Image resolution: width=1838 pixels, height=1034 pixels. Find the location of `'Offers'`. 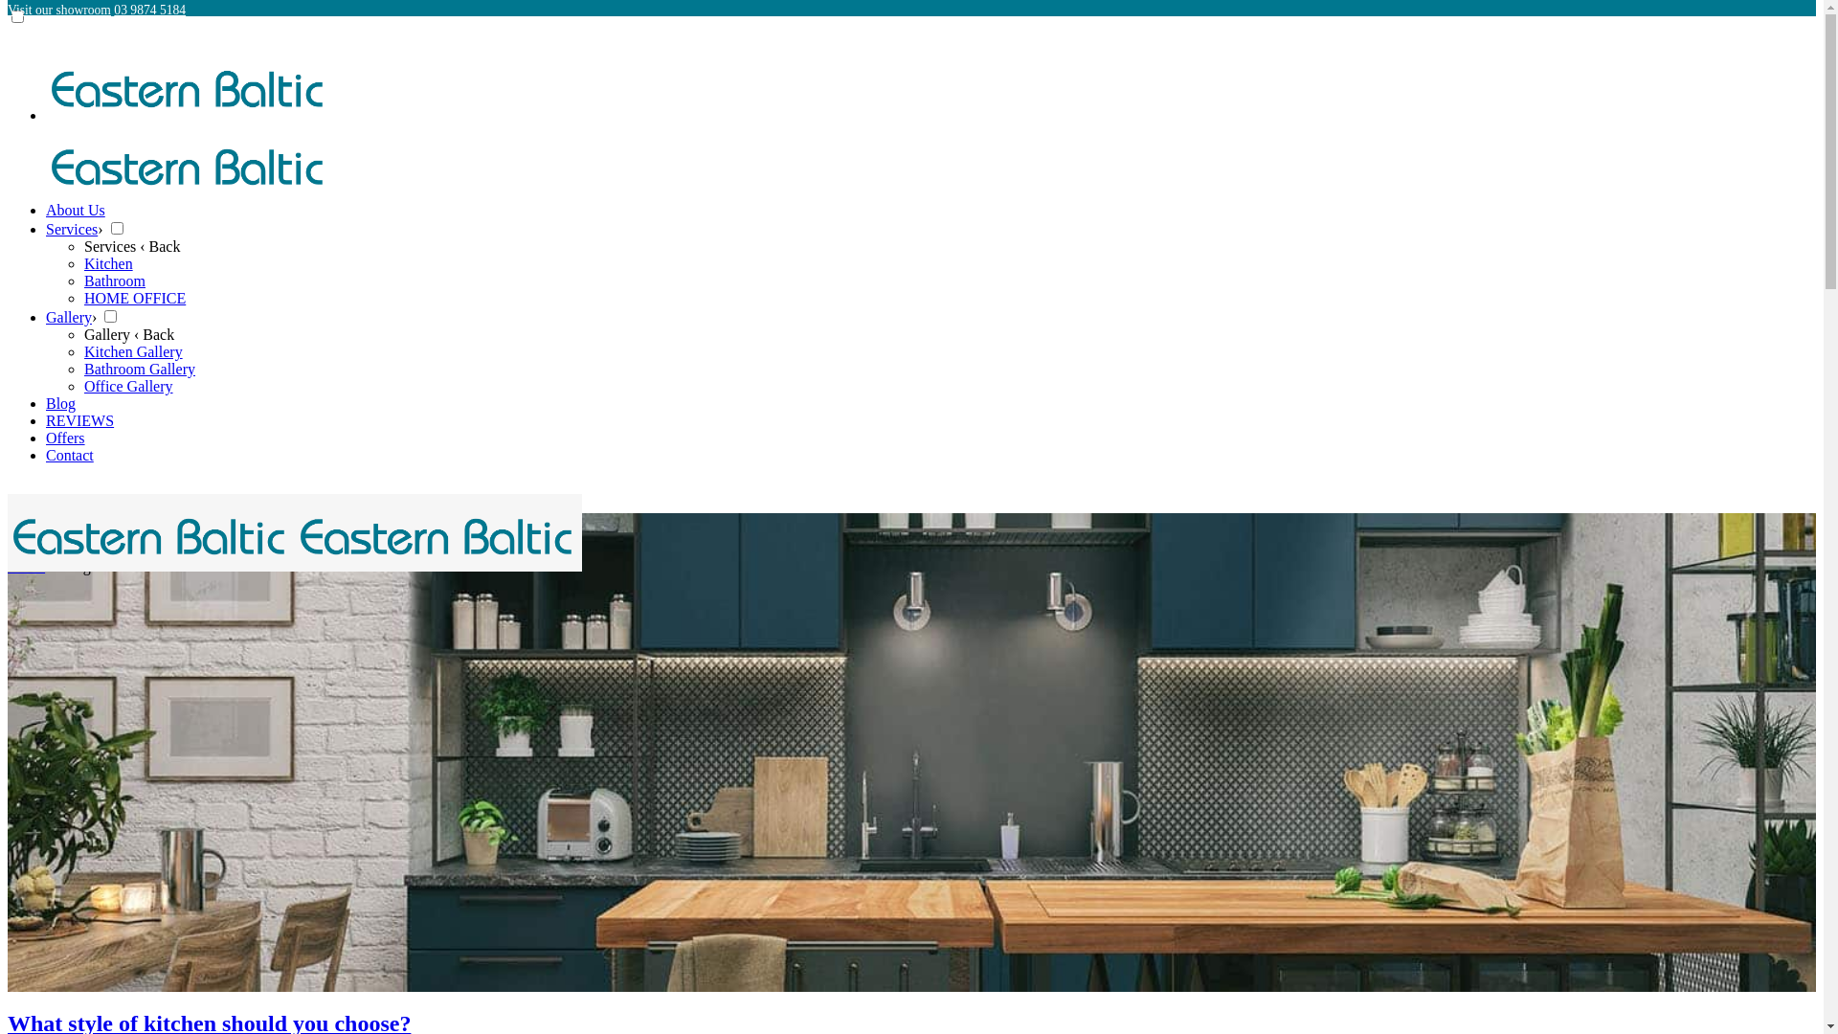

'Offers' is located at coordinates (65, 438).